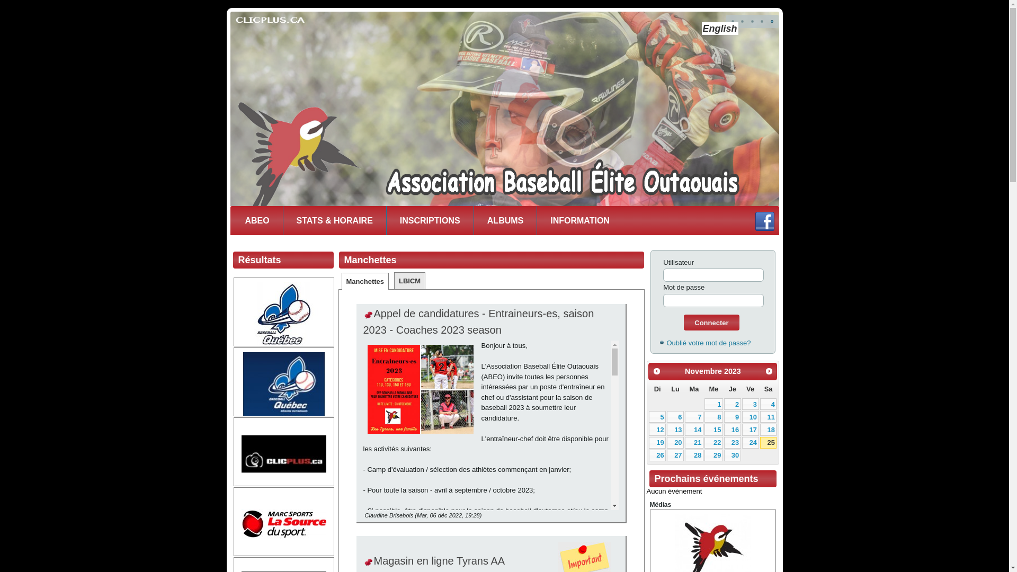 Image resolution: width=1017 pixels, height=572 pixels. Describe the element at coordinates (704, 404) in the screenshot. I see `'1'` at that location.